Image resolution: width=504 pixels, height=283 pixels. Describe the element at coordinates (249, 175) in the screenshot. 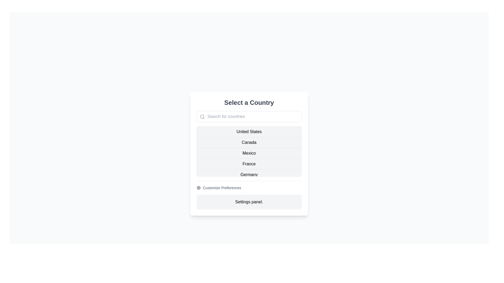

I see `the 'Germany' option in the dropdown menu, which is the fifth item below 'France' and above 'India', characterized by a light gray background and centered text` at that location.